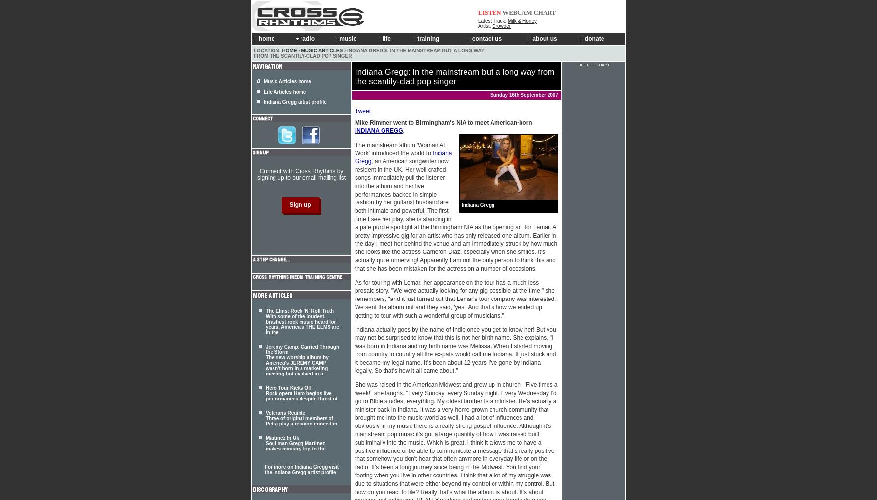  What do you see at coordinates (436, 59) in the screenshot?
I see `'Work Experience'` at bounding box center [436, 59].